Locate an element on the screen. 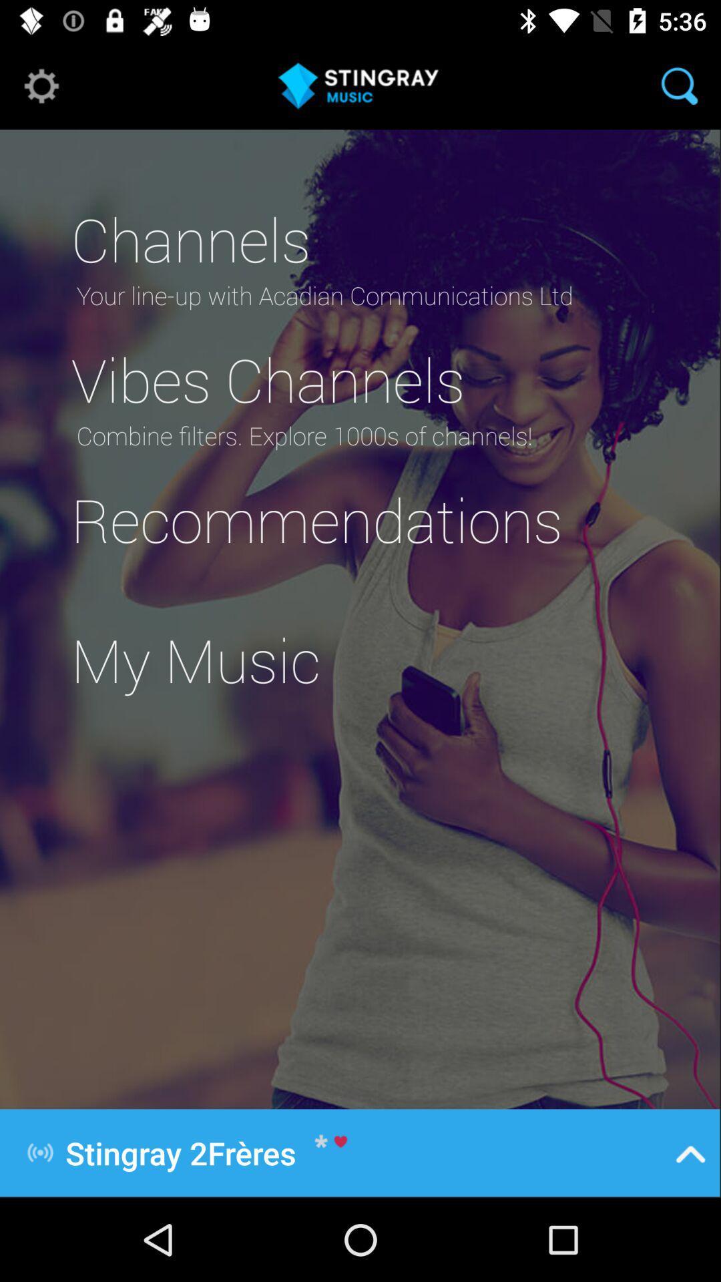  the settings icon is located at coordinates (41, 85).